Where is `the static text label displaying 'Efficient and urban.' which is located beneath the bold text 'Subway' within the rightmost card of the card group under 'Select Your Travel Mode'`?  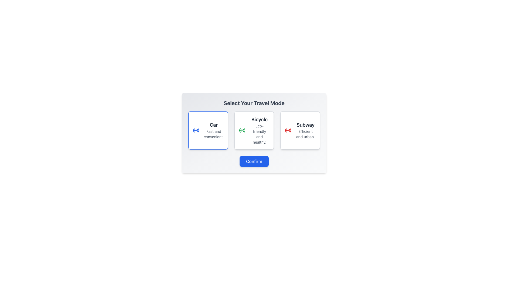
the static text label displaying 'Efficient and urban.' which is located beneath the bold text 'Subway' within the rightmost card of the card group under 'Select Your Travel Mode' is located at coordinates (305, 134).